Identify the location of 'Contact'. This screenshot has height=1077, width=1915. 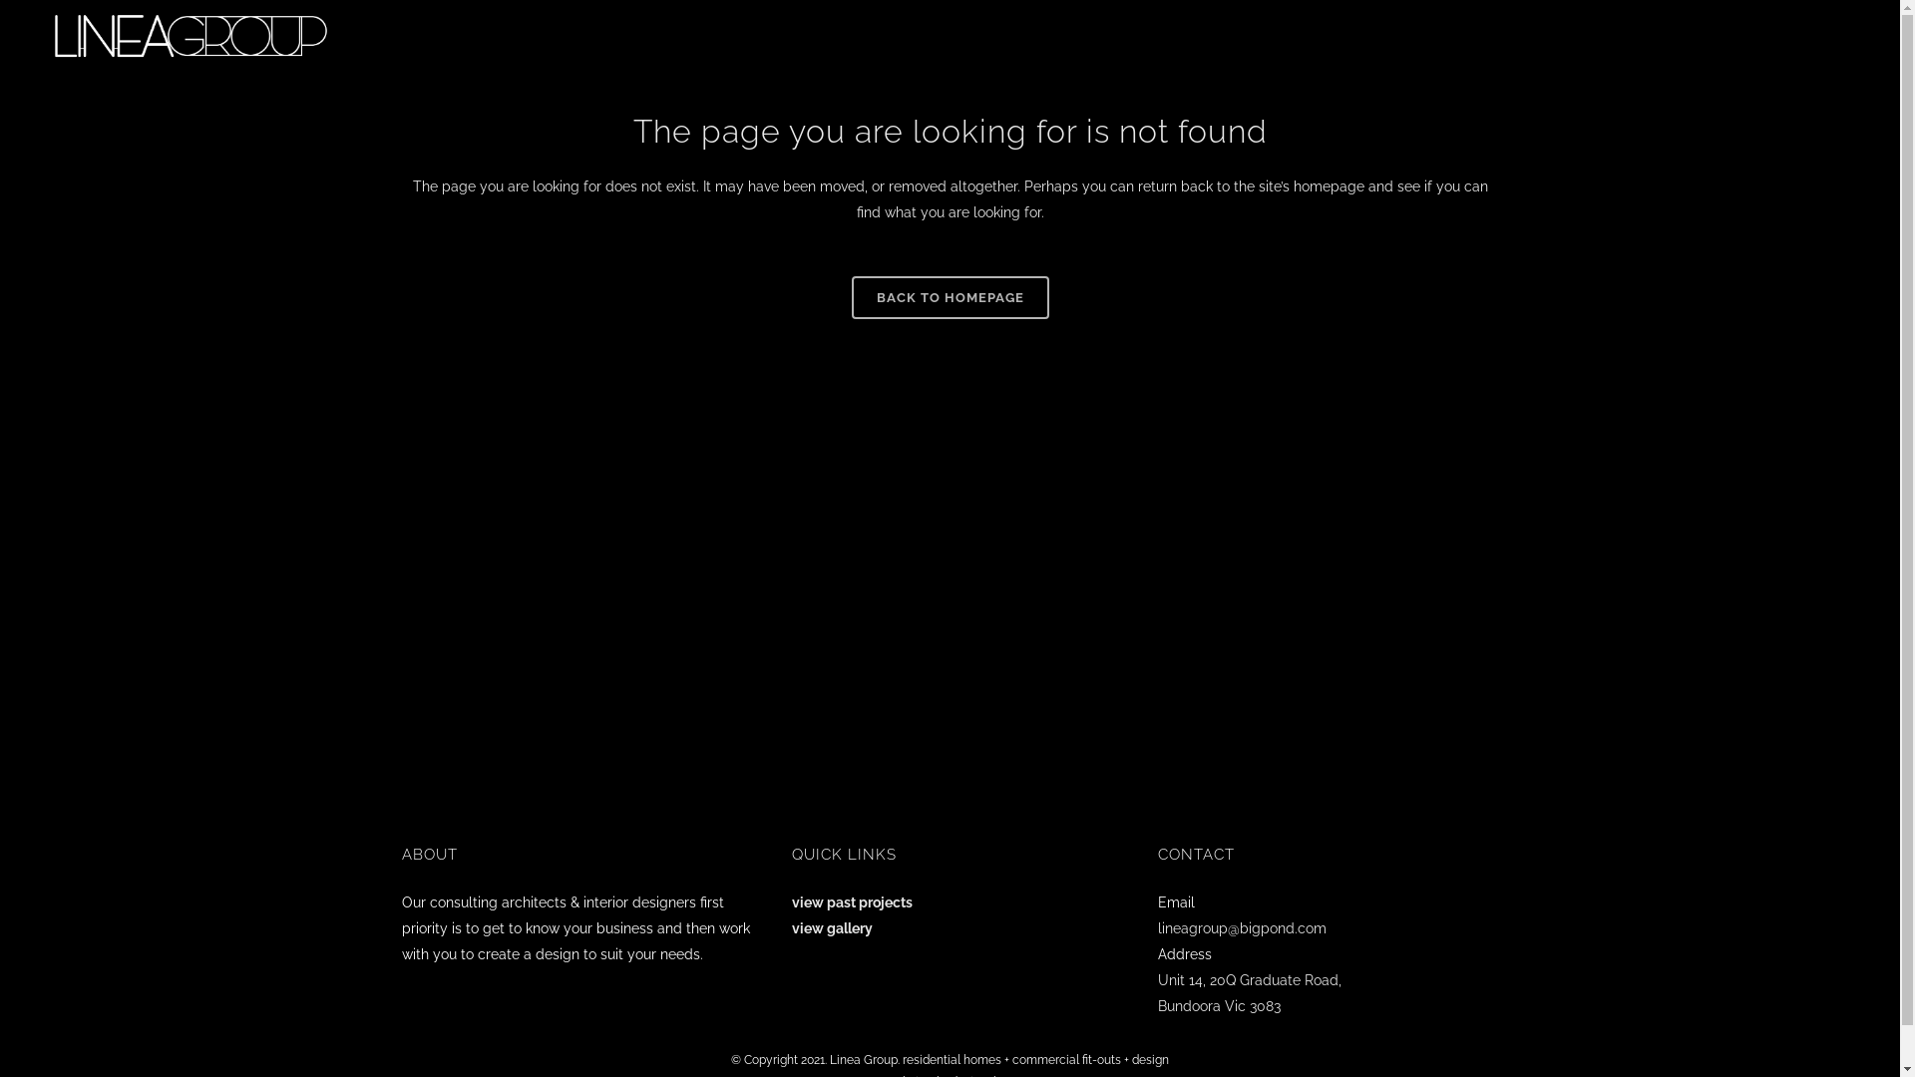
(1810, 34).